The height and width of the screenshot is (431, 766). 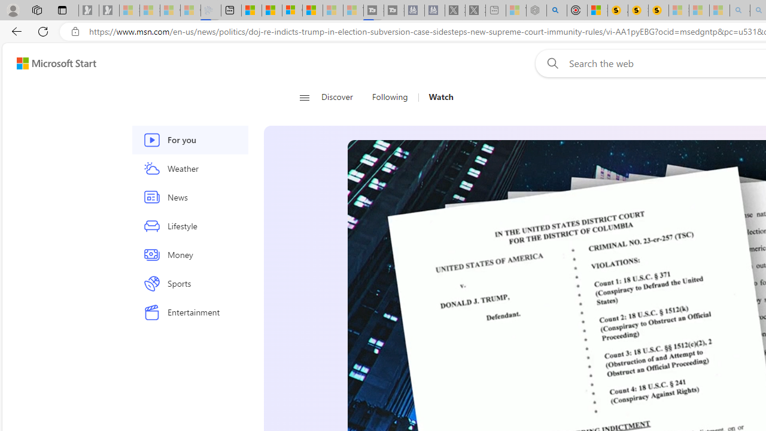 What do you see at coordinates (739, 10) in the screenshot?
I see `'amazon - Search - Sleeping'` at bounding box center [739, 10].